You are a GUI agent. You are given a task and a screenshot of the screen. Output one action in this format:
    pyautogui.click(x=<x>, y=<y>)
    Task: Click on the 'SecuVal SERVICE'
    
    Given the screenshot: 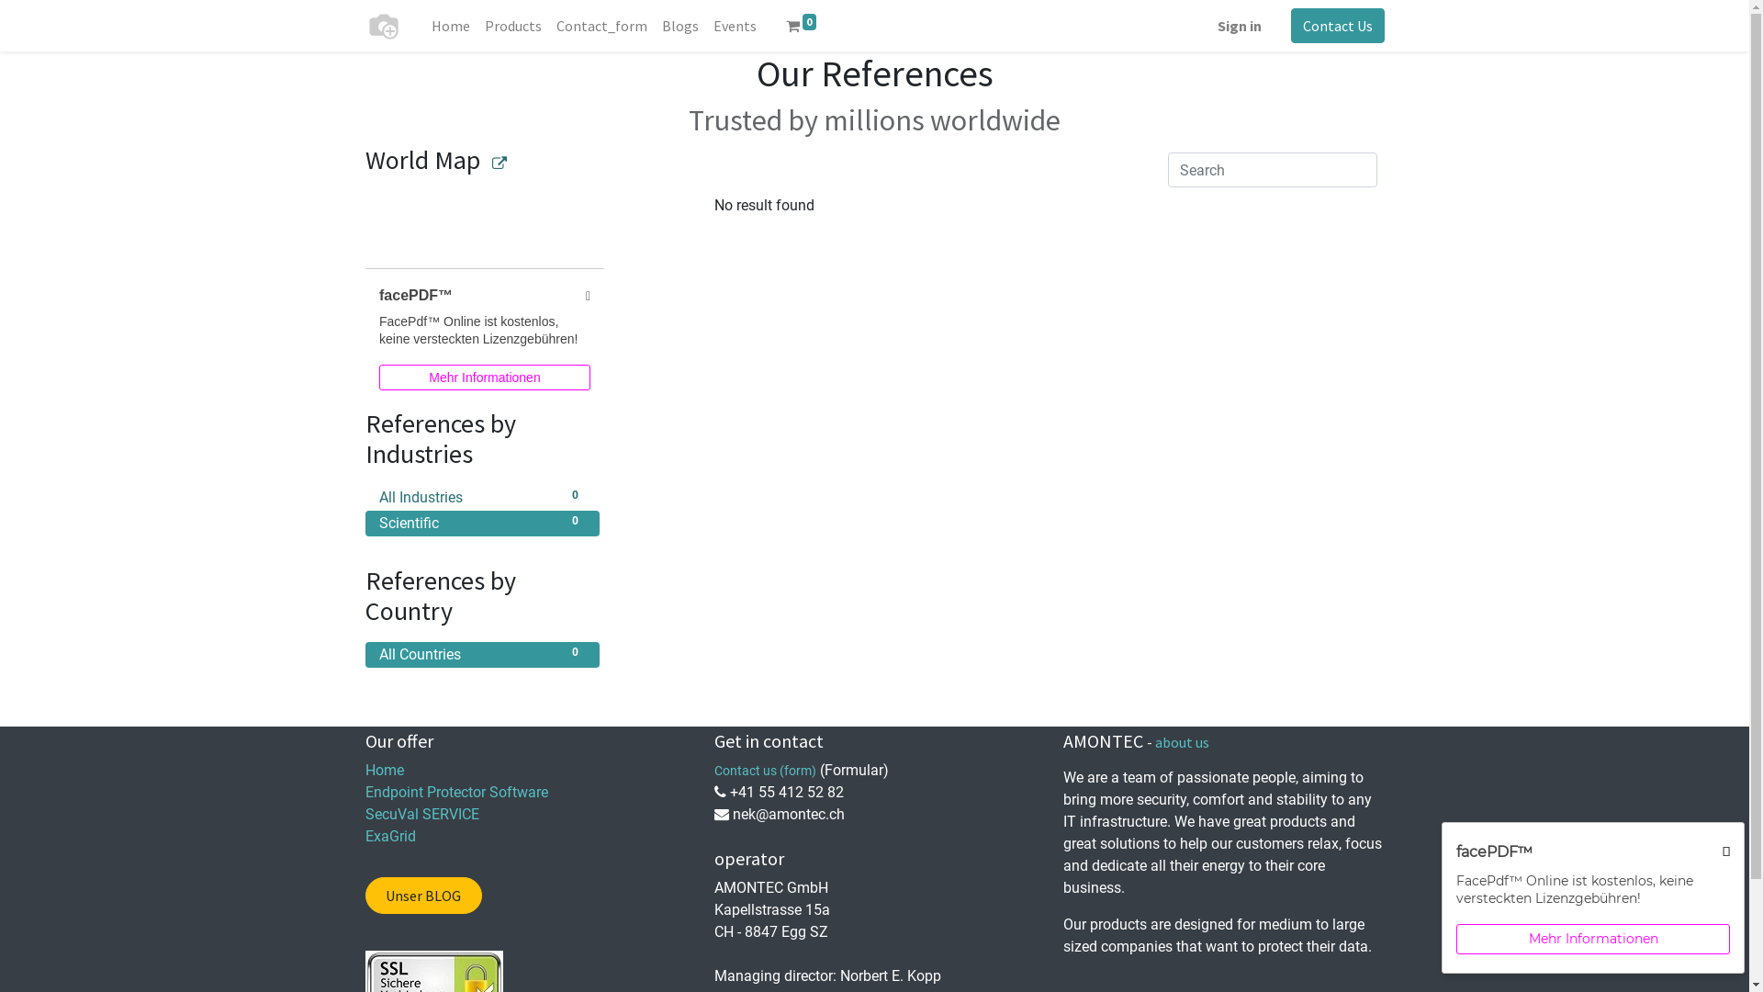 What is the action you would take?
    pyautogui.click(x=365, y=813)
    